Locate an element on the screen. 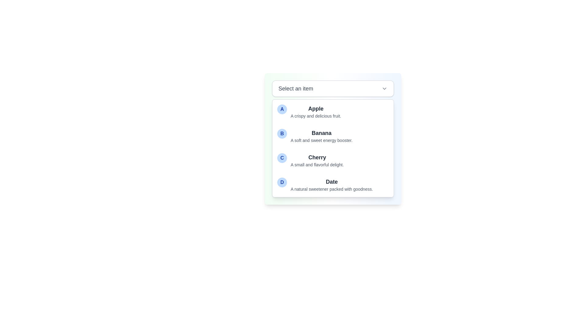 Image resolution: width=585 pixels, height=329 pixels. the 'Cherry' text label in the dropdown menu is located at coordinates (317, 157).